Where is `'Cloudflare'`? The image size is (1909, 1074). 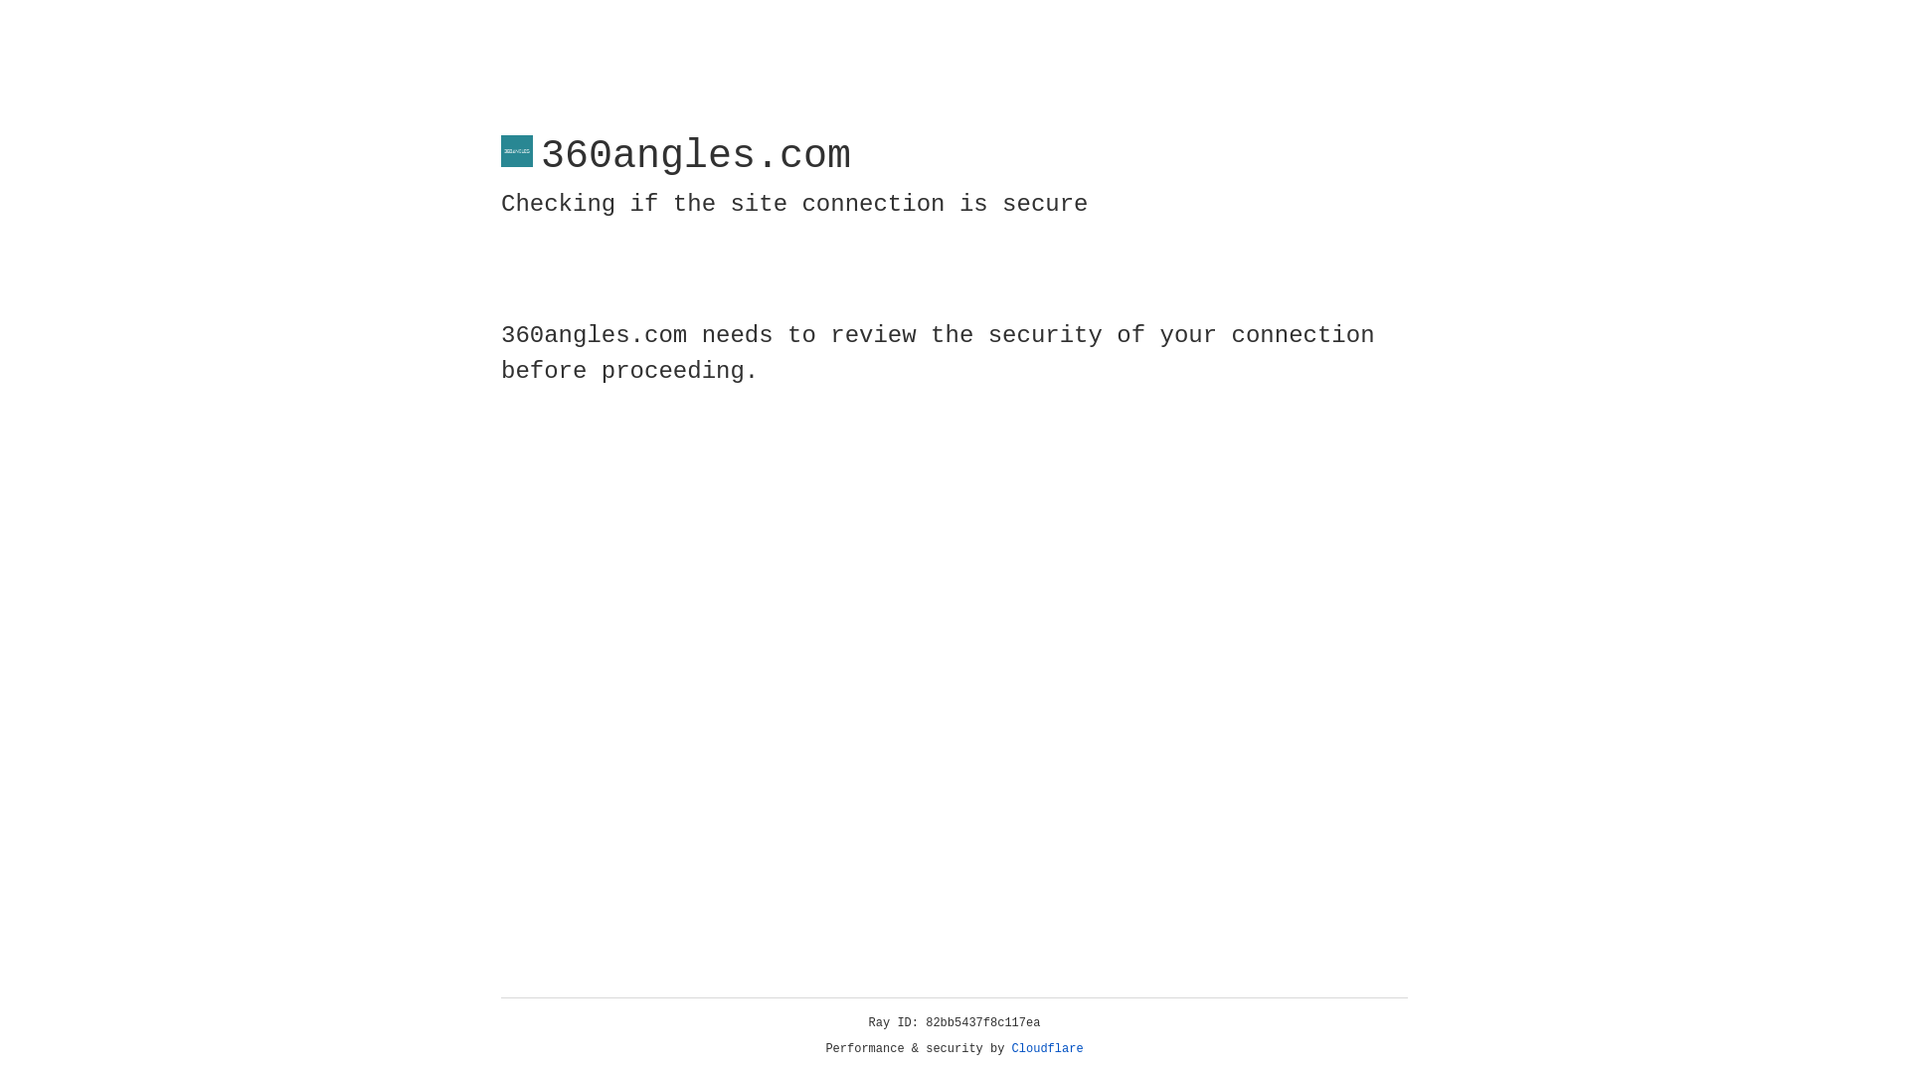
'Cloudflare' is located at coordinates (1047, 1048).